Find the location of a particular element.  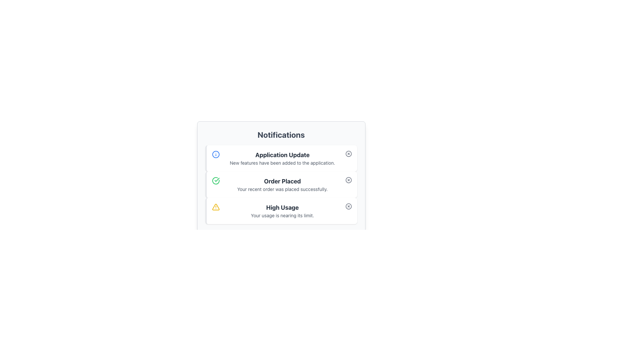

the Text Label that serves as the title for the notification about high resource usage is located at coordinates (282, 208).